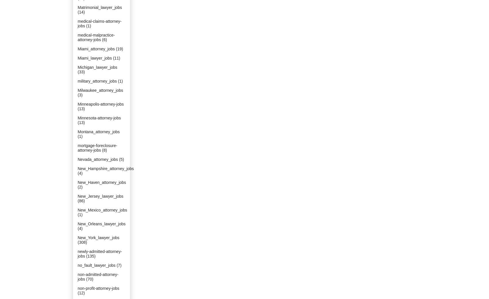 Image resolution: width=489 pixels, height=299 pixels. Describe the element at coordinates (100, 196) in the screenshot. I see `'New_Jersey_lawyer_jobs'` at that location.